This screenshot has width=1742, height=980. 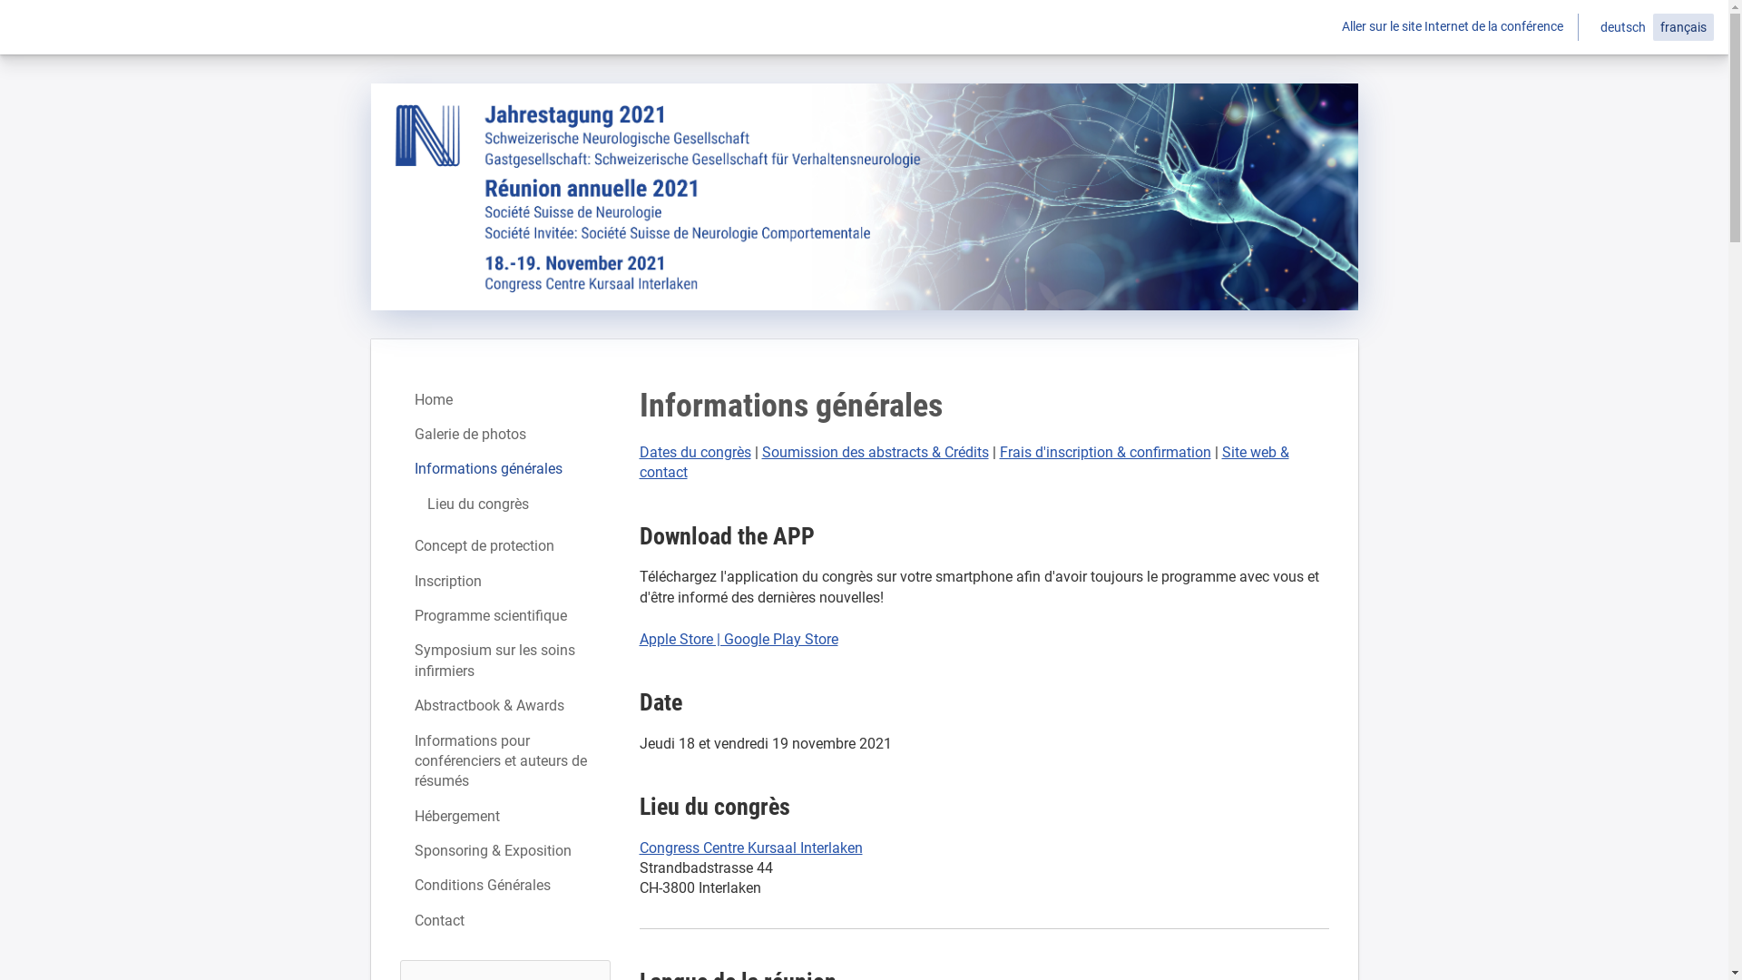 What do you see at coordinates (398, 661) in the screenshot?
I see `'Symposium sur les soins infirmiers'` at bounding box center [398, 661].